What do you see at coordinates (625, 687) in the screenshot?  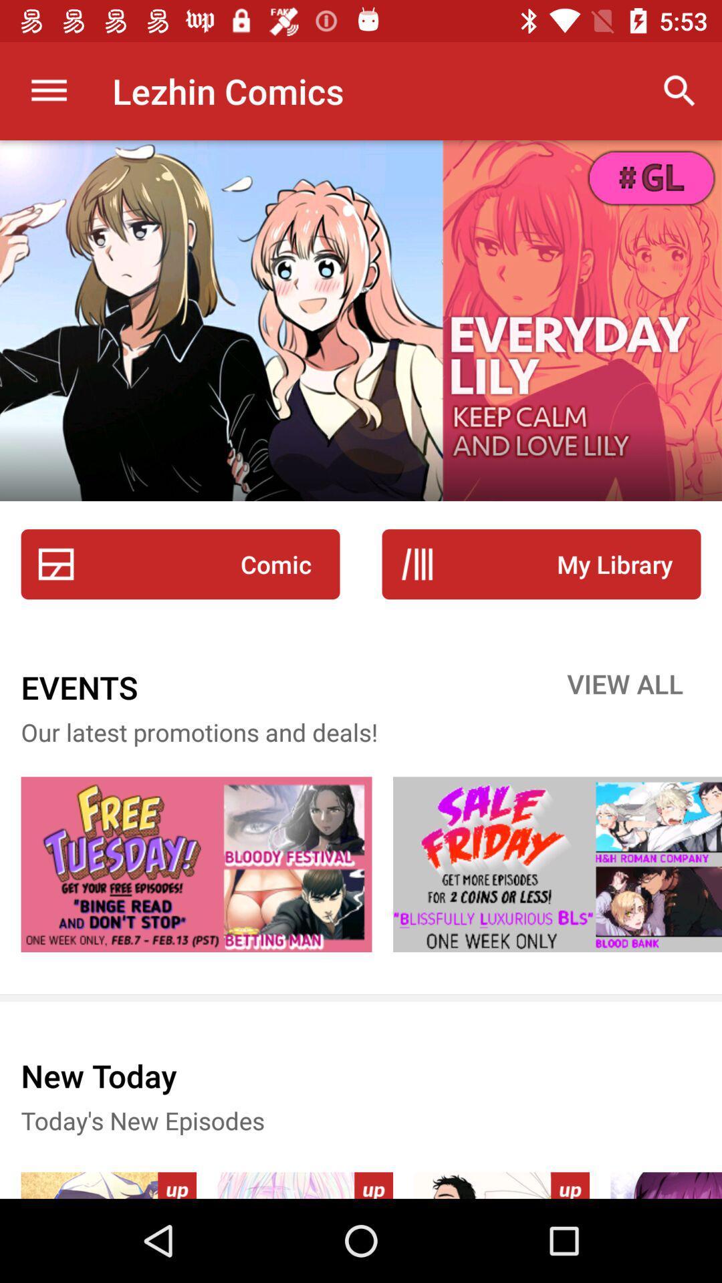 I see `the item below my library` at bounding box center [625, 687].